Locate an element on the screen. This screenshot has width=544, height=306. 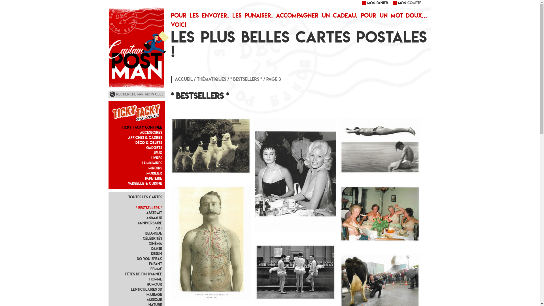
'Toutes les cartes' is located at coordinates (145, 197).